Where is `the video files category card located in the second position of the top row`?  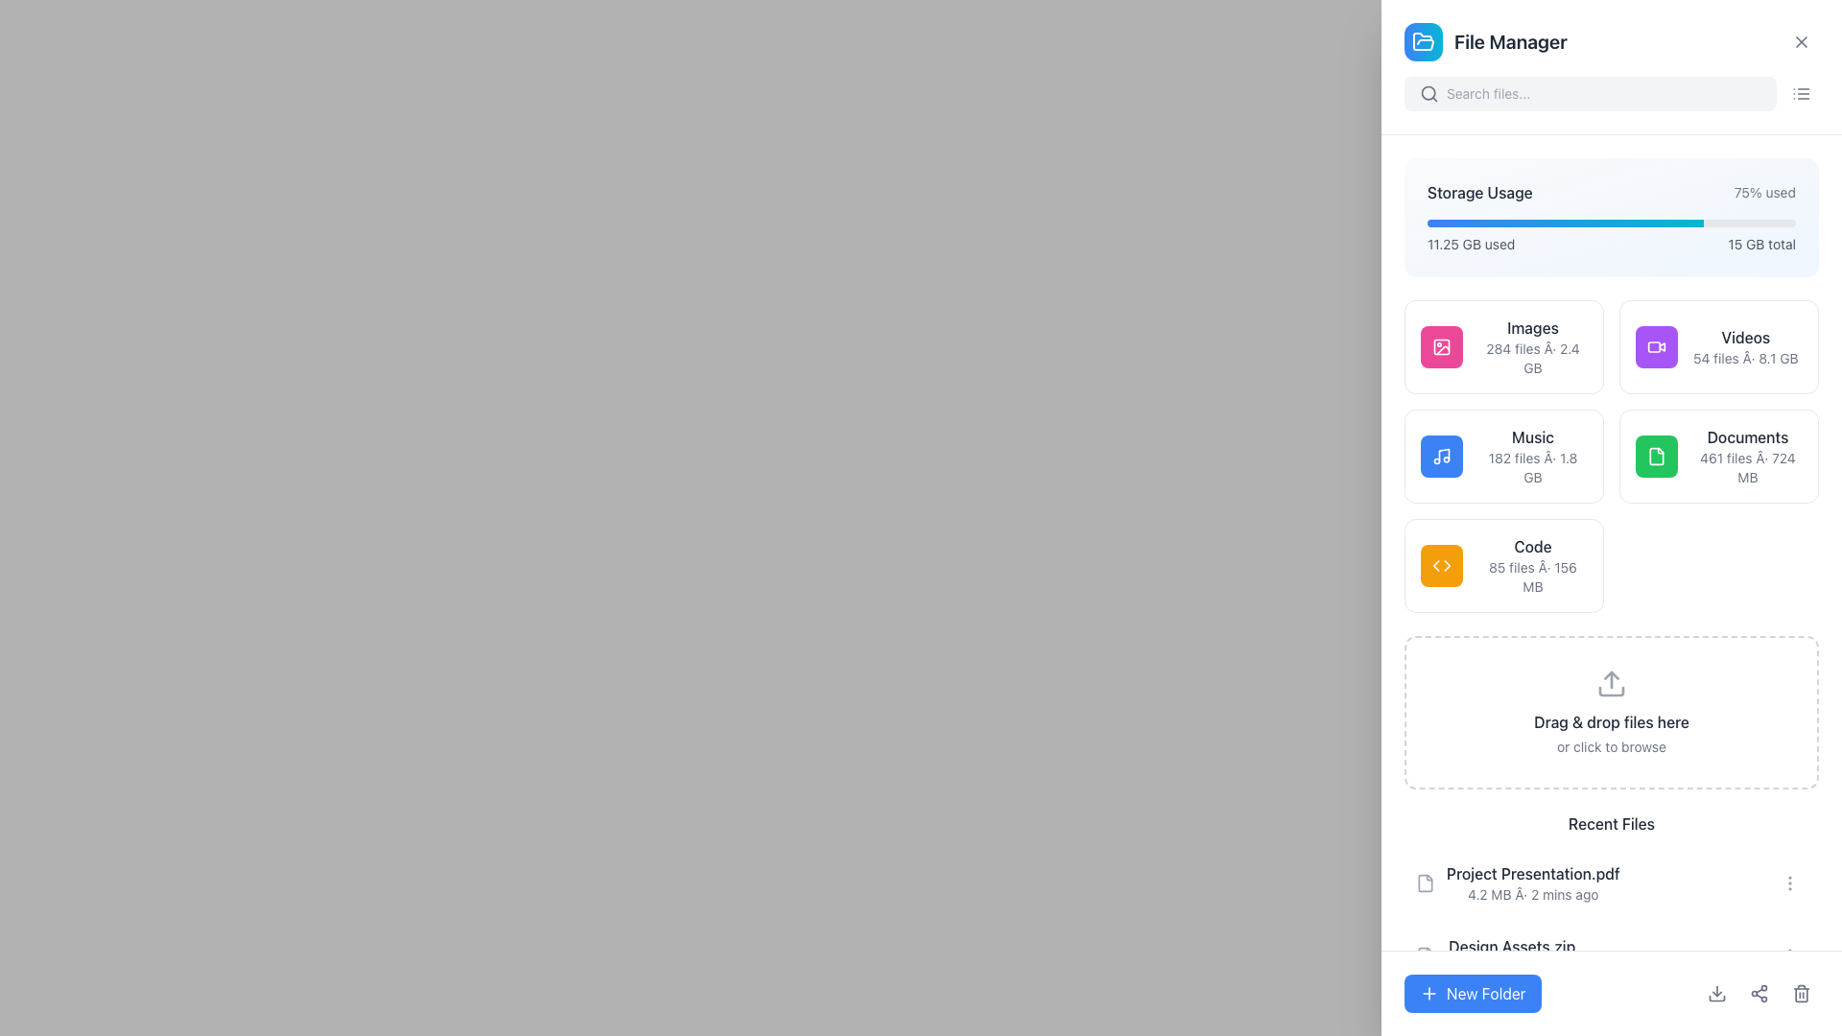 the video files category card located in the second position of the top row is located at coordinates (1718, 347).